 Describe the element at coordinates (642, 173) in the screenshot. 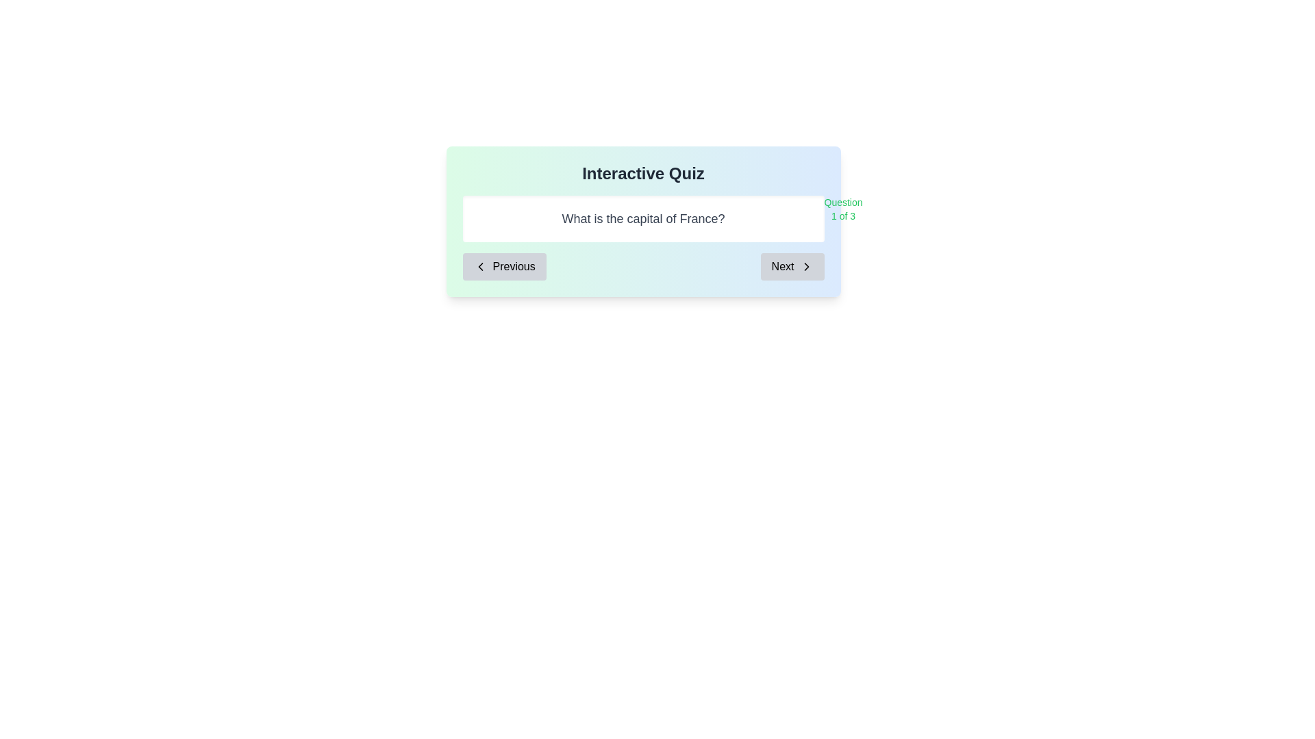

I see `the static text header that serves as a title for the content within the card, positioned above the question box` at that location.